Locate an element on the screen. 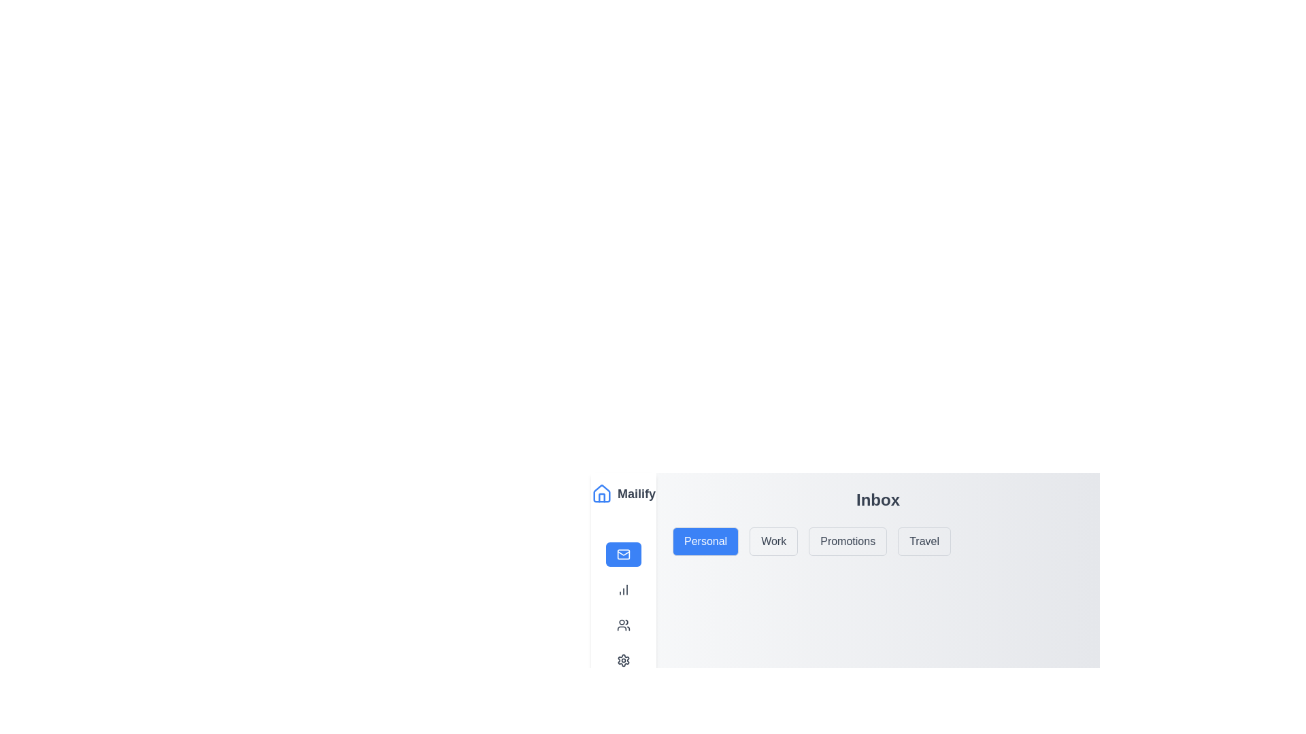  the 'Promotions' tab in the Tab Navigation Group is located at coordinates (878, 541).